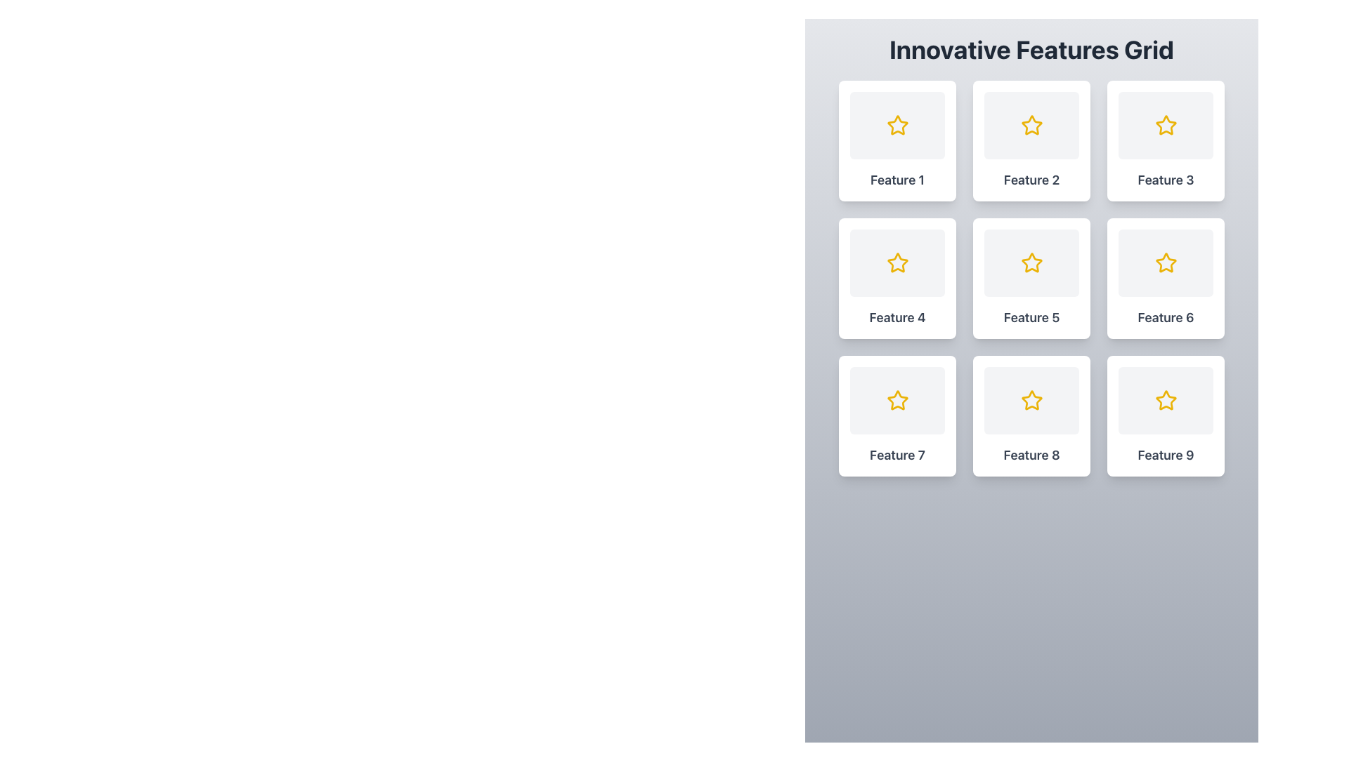 The height and width of the screenshot is (758, 1349). What do you see at coordinates (1031, 124) in the screenshot?
I see `the Rating Star Icon with a yellow border located in the second column of the 'Innovative Features Grid'` at bounding box center [1031, 124].